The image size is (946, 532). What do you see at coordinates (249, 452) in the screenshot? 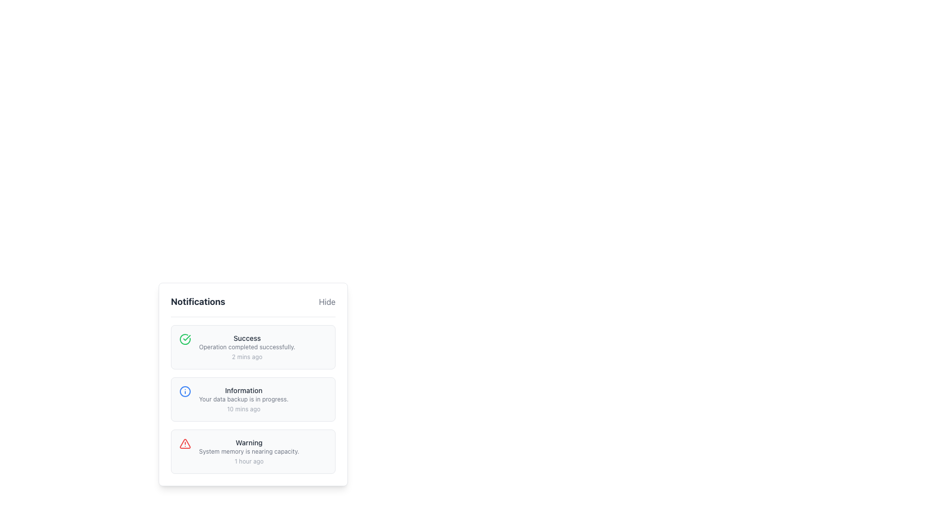
I see `additional details text label associated with the 'Warning' notification regarding system memory nearing capacity, located in the bottom-most notification card under the 'Warning' section` at bounding box center [249, 452].